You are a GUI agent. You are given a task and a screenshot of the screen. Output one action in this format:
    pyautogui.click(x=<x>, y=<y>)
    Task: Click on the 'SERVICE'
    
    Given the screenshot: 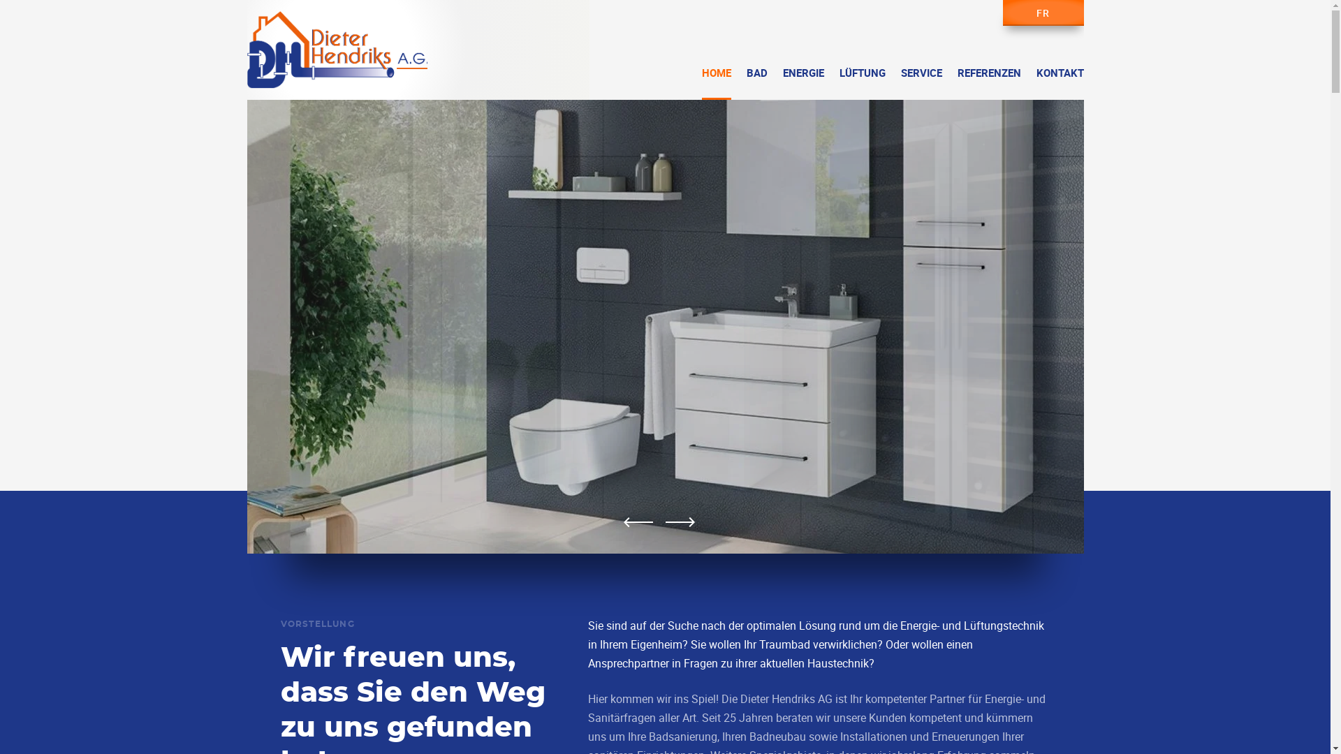 What is the action you would take?
    pyautogui.click(x=921, y=83)
    